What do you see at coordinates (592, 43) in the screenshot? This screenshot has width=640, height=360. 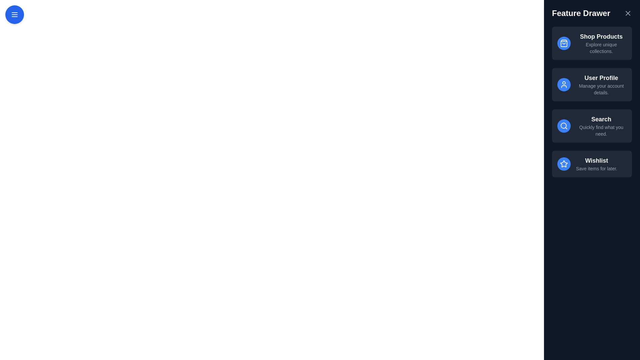 I see `the feature item Shop Products to highlight it` at bounding box center [592, 43].